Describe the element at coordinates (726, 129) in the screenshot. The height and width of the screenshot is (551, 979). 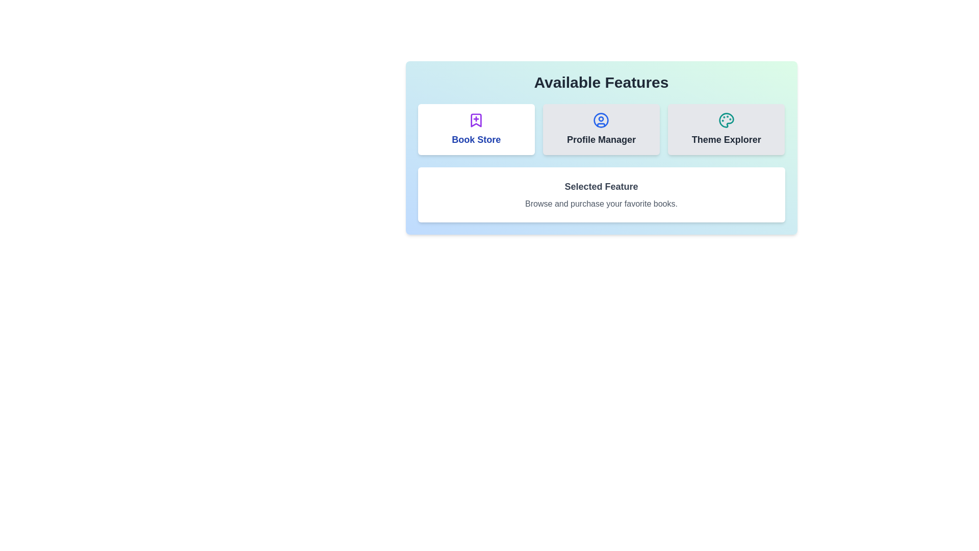
I see `the 'Theme Explorer' button, which is the last button in a row of three, featuring a grey background, a teal palette icon, and the label 'Theme Explorer' in bold, dark text` at that location.